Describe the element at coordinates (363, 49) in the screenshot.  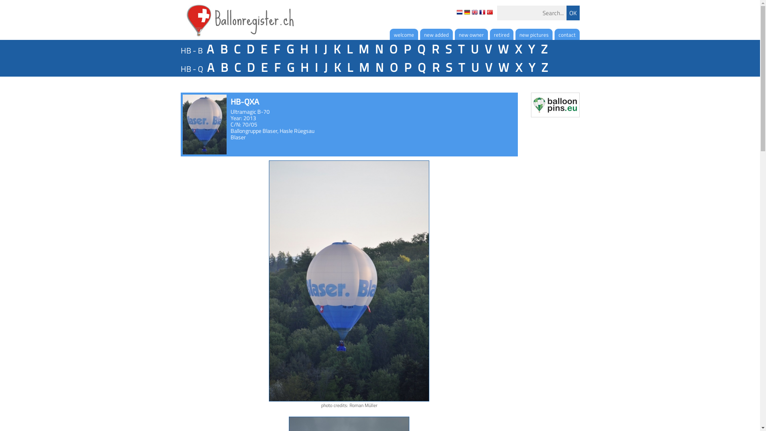
I see `'M'` at that location.